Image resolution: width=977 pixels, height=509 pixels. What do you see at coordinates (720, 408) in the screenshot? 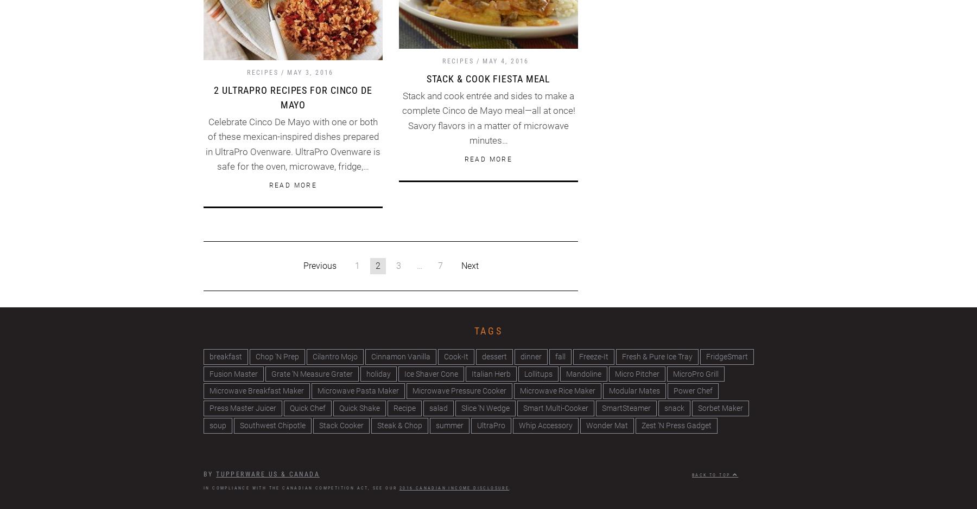
I see `'Sorbet Maker'` at bounding box center [720, 408].